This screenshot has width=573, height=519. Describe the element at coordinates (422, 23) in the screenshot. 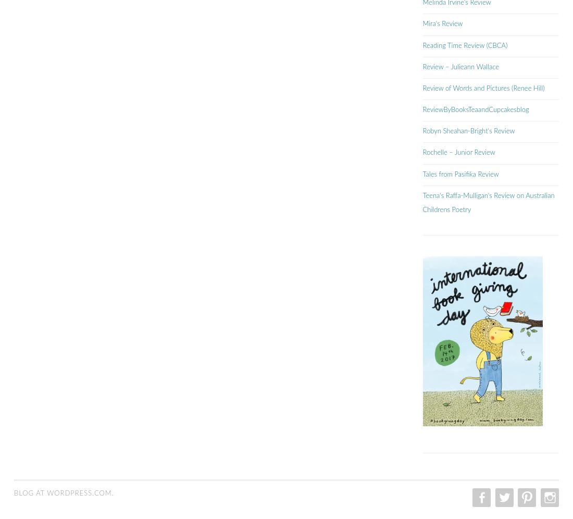

I see `'Mira's Review'` at that location.